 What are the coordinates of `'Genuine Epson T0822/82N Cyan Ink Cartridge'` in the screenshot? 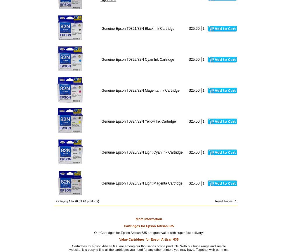 It's located at (101, 59).